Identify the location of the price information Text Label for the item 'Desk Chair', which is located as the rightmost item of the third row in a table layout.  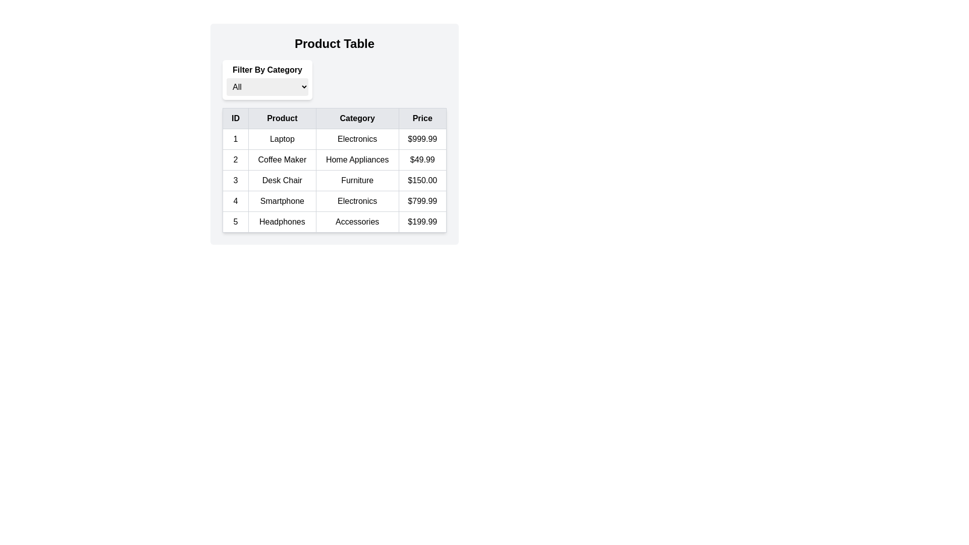
(422, 180).